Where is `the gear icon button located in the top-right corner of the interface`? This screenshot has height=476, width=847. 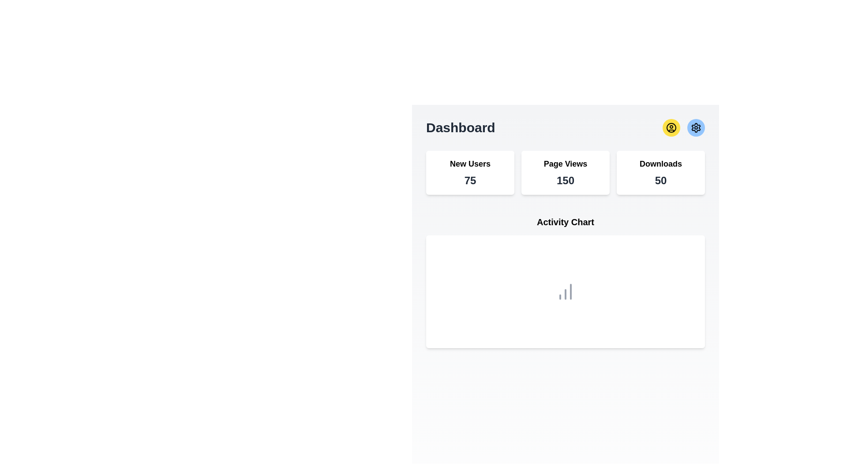 the gear icon button located in the top-right corner of the interface is located at coordinates (696, 127).